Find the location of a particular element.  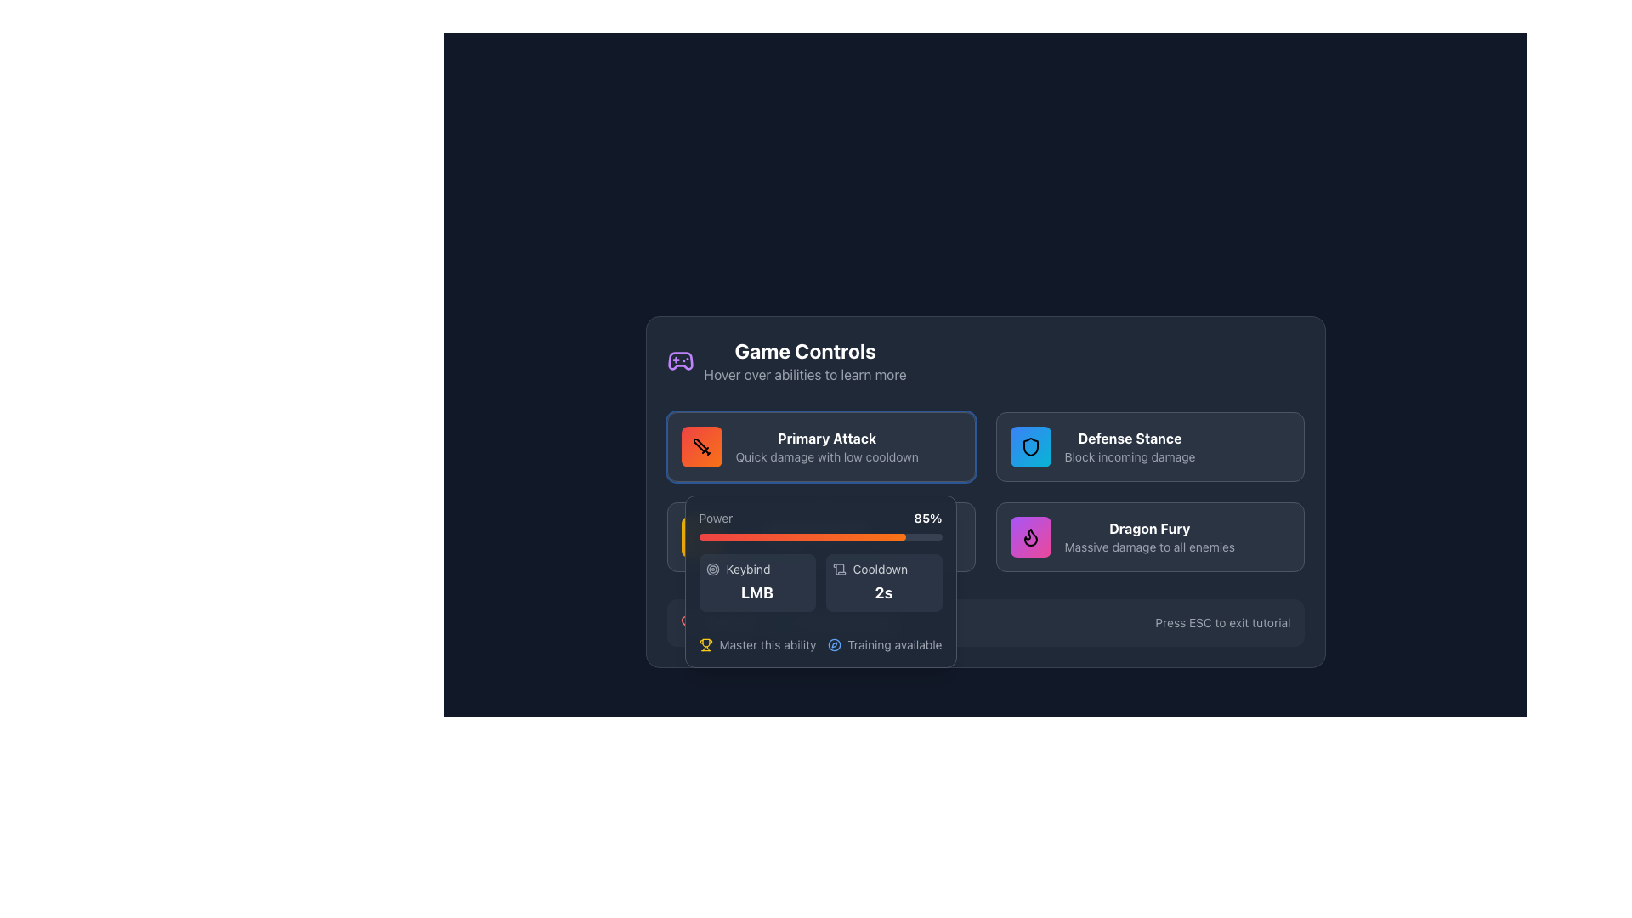

the informational message box that guides the user to press the ESC key to exit the tutorial is located at coordinates (985, 622).